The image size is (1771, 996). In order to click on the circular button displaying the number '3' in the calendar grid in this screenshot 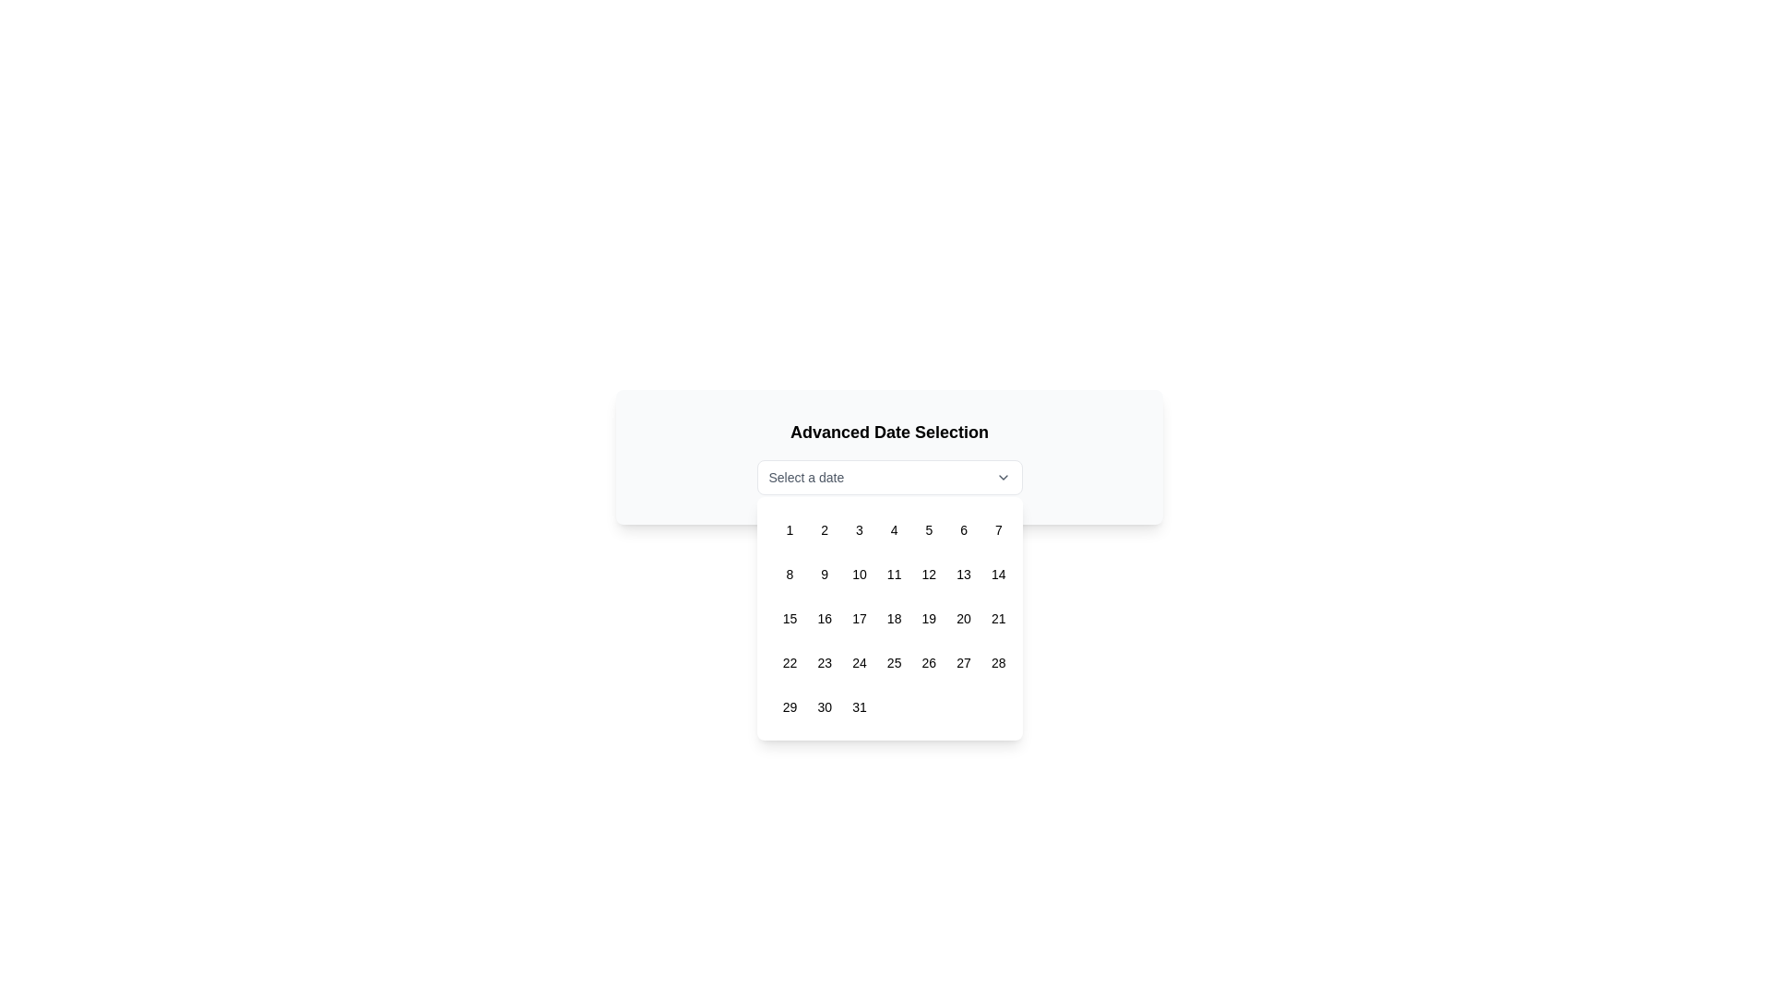, I will do `click(858, 529)`.